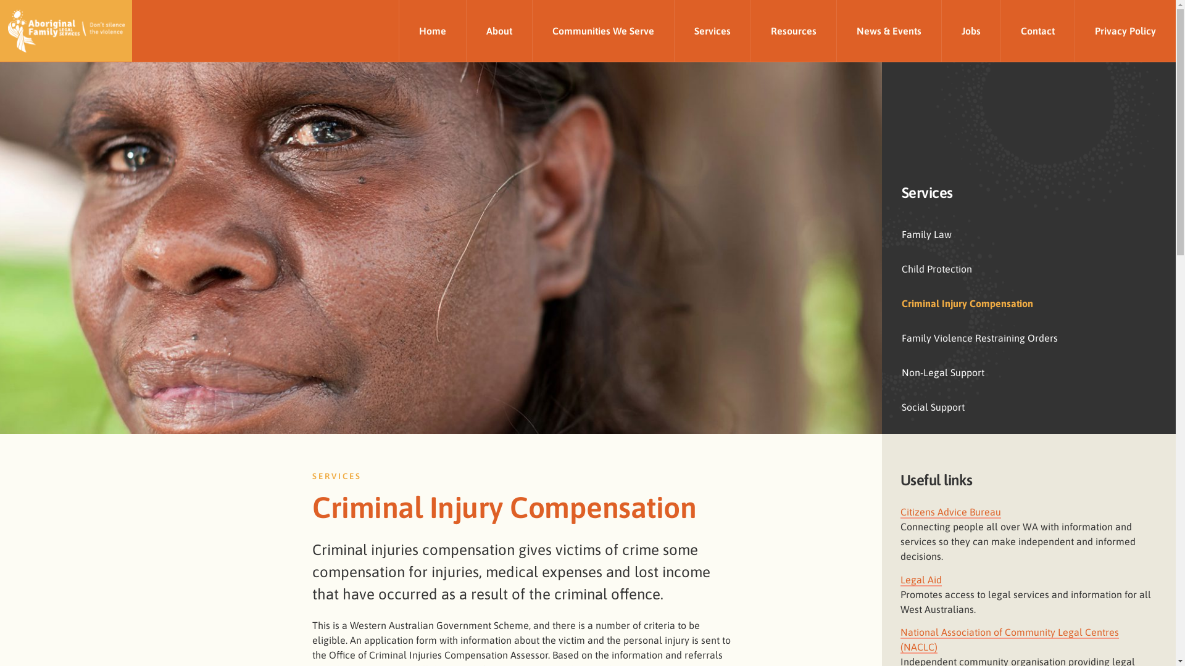 The image size is (1185, 666). I want to click on 'Resources', so click(749, 30).